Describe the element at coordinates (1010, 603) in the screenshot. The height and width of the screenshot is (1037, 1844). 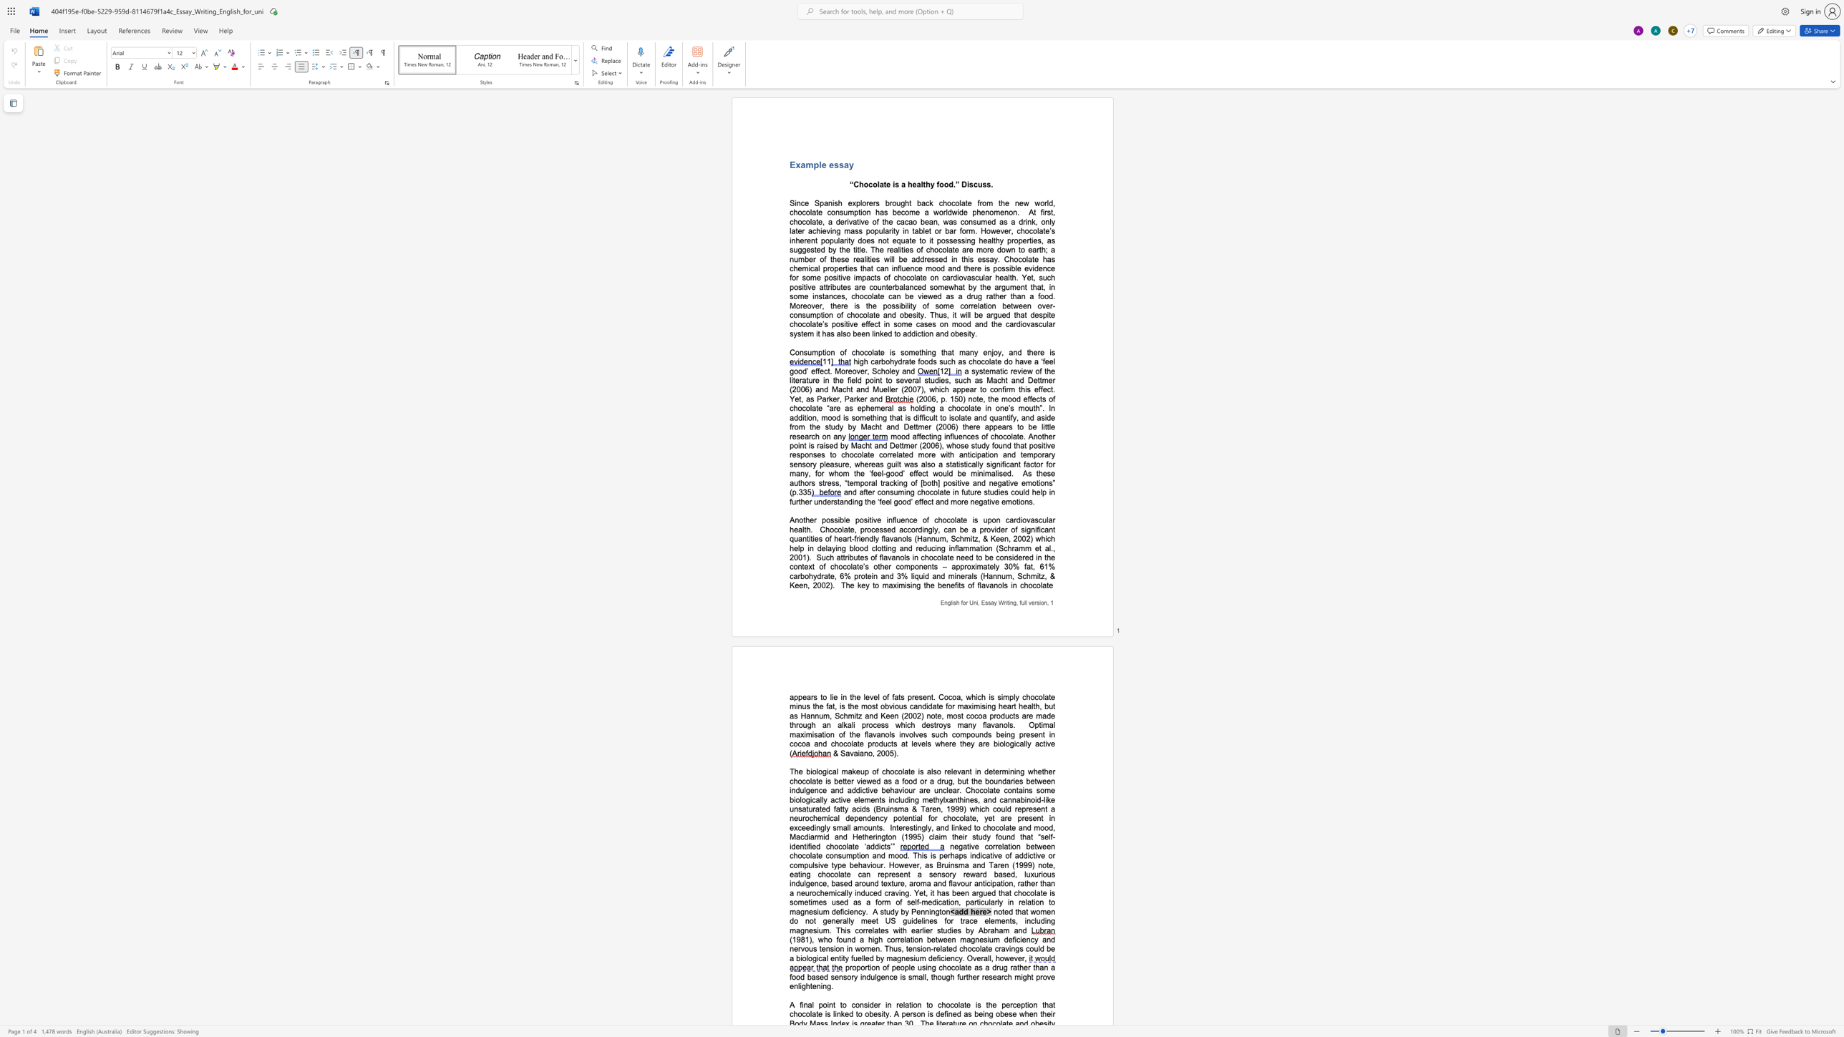
I see `the space between the continuous character "i" and "n" in the text` at that location.